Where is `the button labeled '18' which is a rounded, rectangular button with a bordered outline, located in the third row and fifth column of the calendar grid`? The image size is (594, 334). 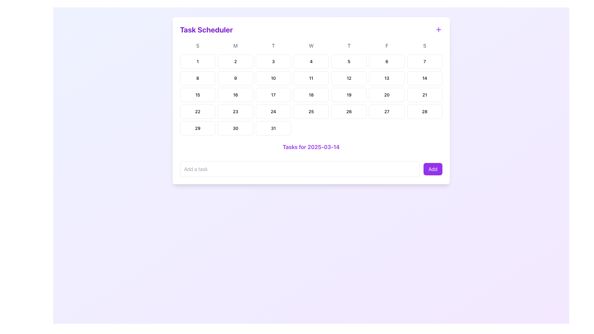 the button labeled '18' which is a rounded, rectangular button with a bordered outline, located in the third row and fifth column of the calendar grid is located at coordinates (311, 95).